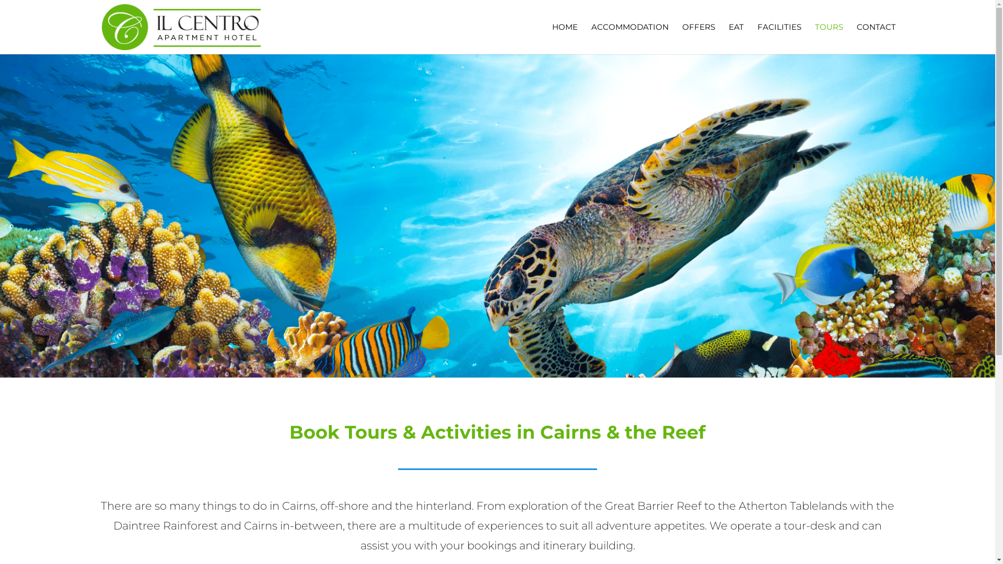 The image size is (1003, 564). I want to click on 'HOME', so click(551, 38).